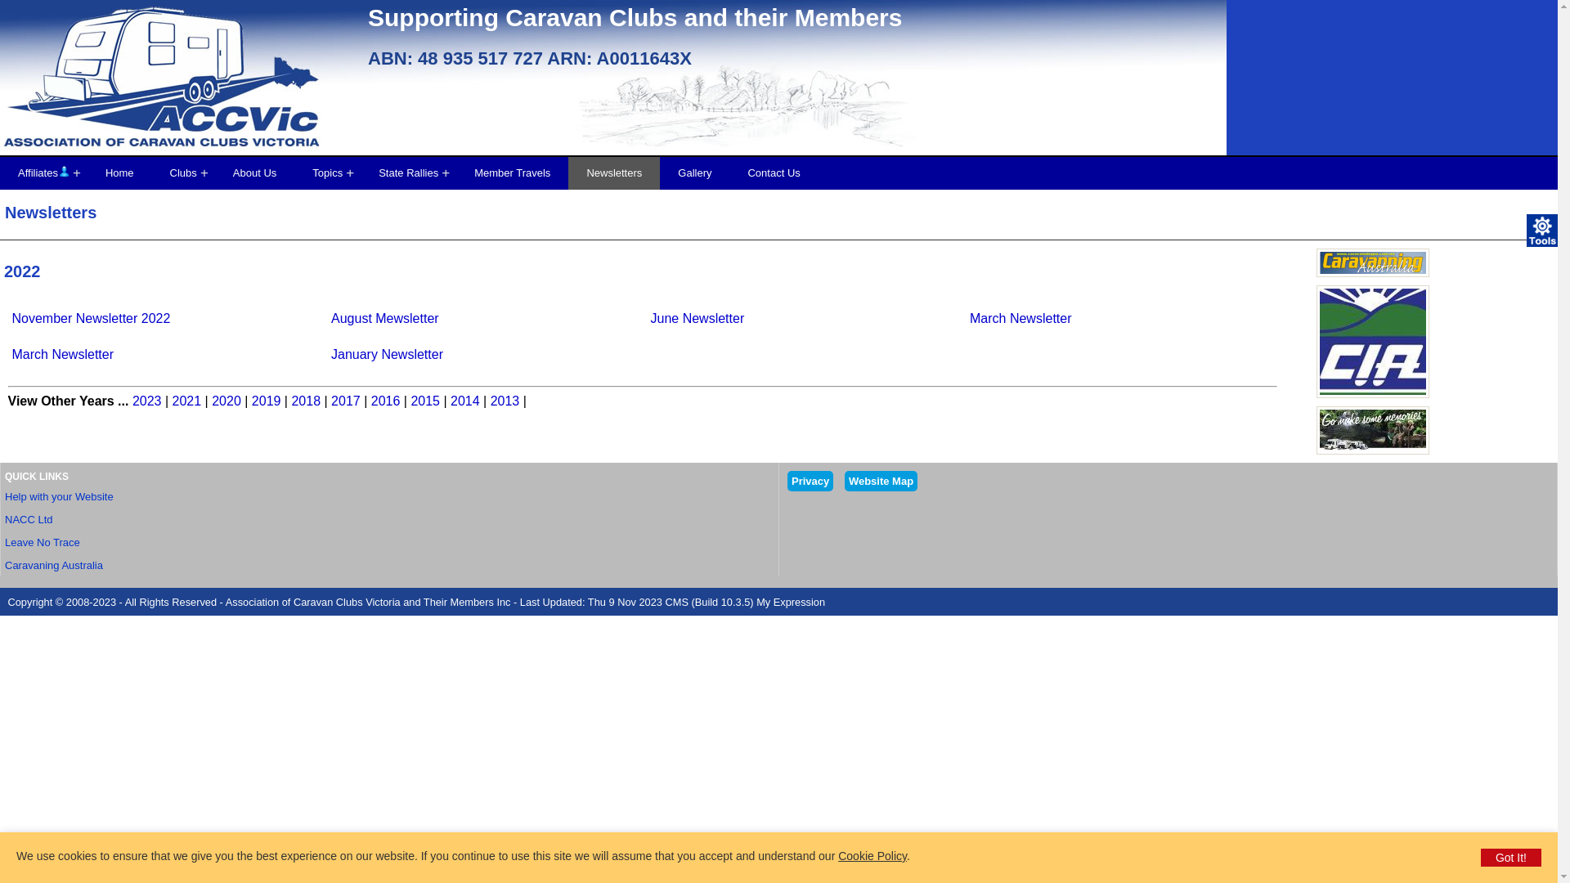  What do you see at coordinates (810, 480) in the screenshot?
I see `'Privacy'` at bounding box center [810, 480].